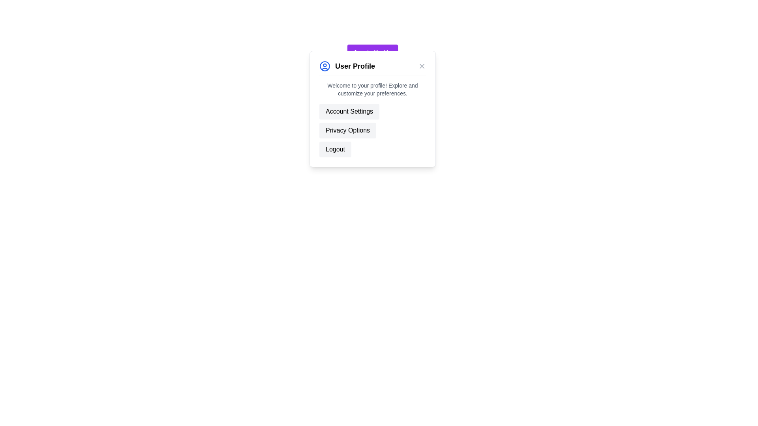 The image size is (758, 426). What do you see at coordinates (335, 149) in the screenshot?
I see `the logout button located in the 'User Profile' modal dialog, which is the third item below the 'Privacy Options' button` at bounding box center [335, 149].